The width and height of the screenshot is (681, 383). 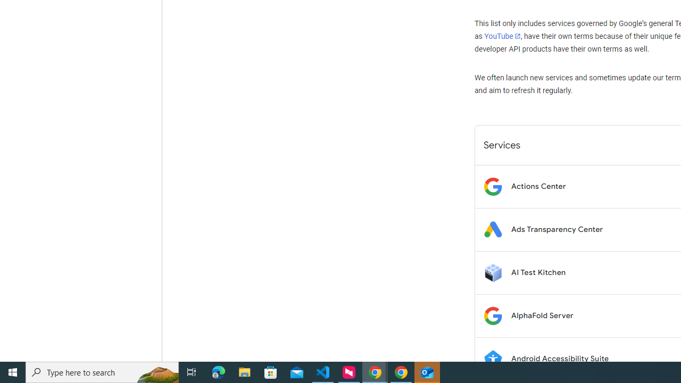 I want to click on 'Logo for Ads Transparency Center', so click(x=492, y=229).